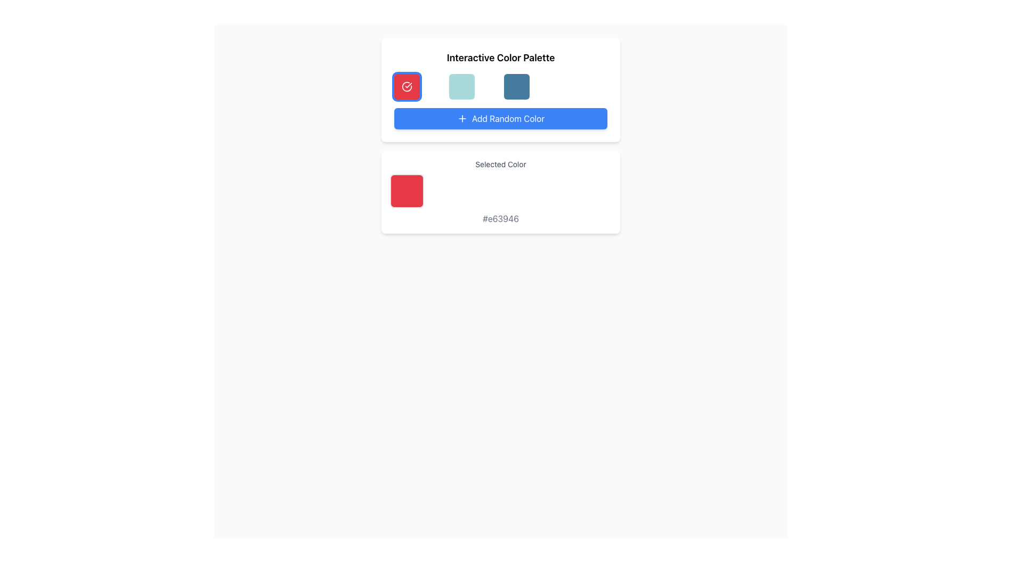 This screenshot has width=1023, height=575. What do you see at coordinates (500, 218) in the screenshot?
I see `the Text Label that displays the hex color code located at the bottom of the 'Selected Color' panel` at bounding box center [500, 218].